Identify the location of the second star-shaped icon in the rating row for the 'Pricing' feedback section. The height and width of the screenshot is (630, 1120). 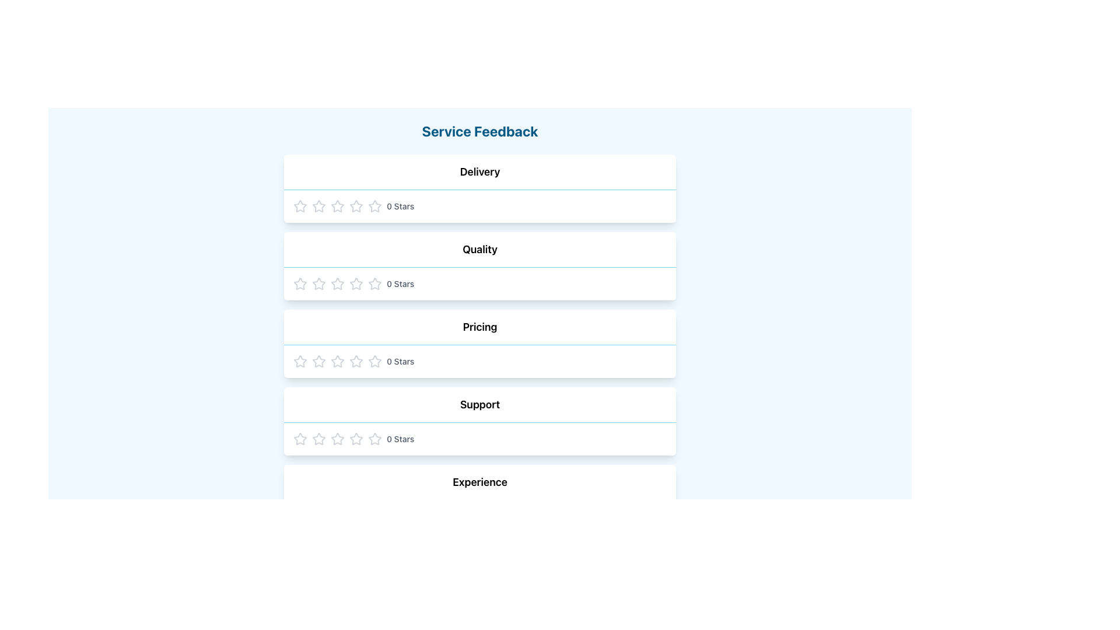
(375, 360).